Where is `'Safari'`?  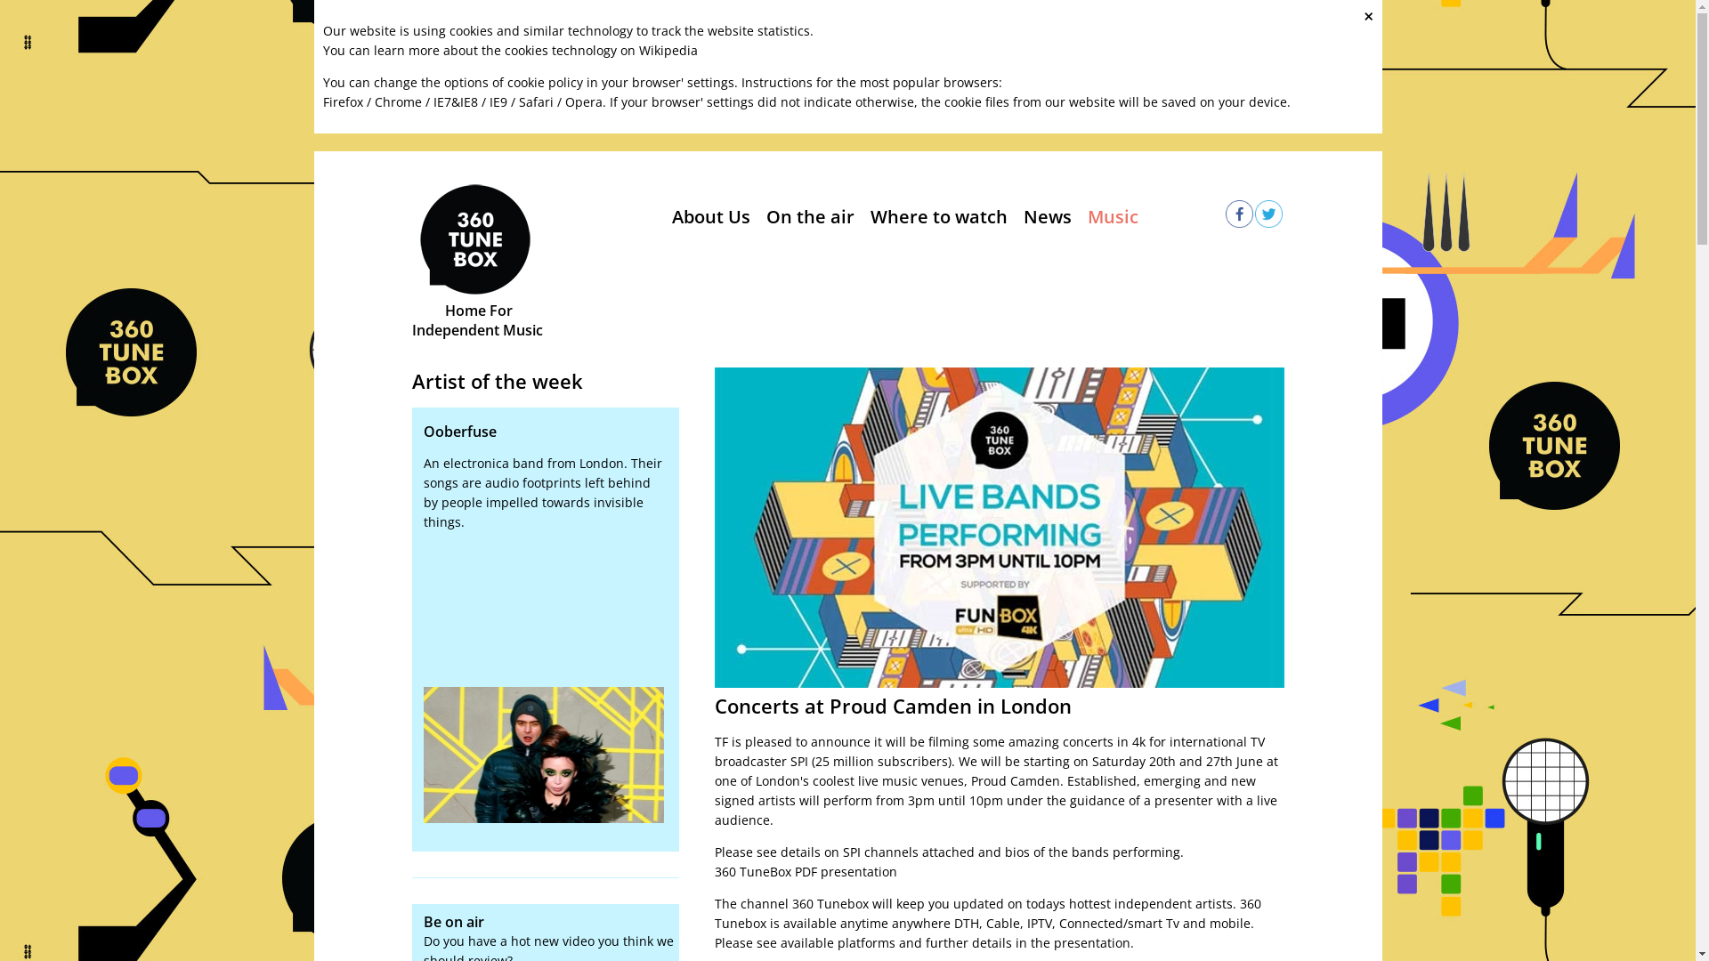
'Safari' is located at coordinates (534, 101).